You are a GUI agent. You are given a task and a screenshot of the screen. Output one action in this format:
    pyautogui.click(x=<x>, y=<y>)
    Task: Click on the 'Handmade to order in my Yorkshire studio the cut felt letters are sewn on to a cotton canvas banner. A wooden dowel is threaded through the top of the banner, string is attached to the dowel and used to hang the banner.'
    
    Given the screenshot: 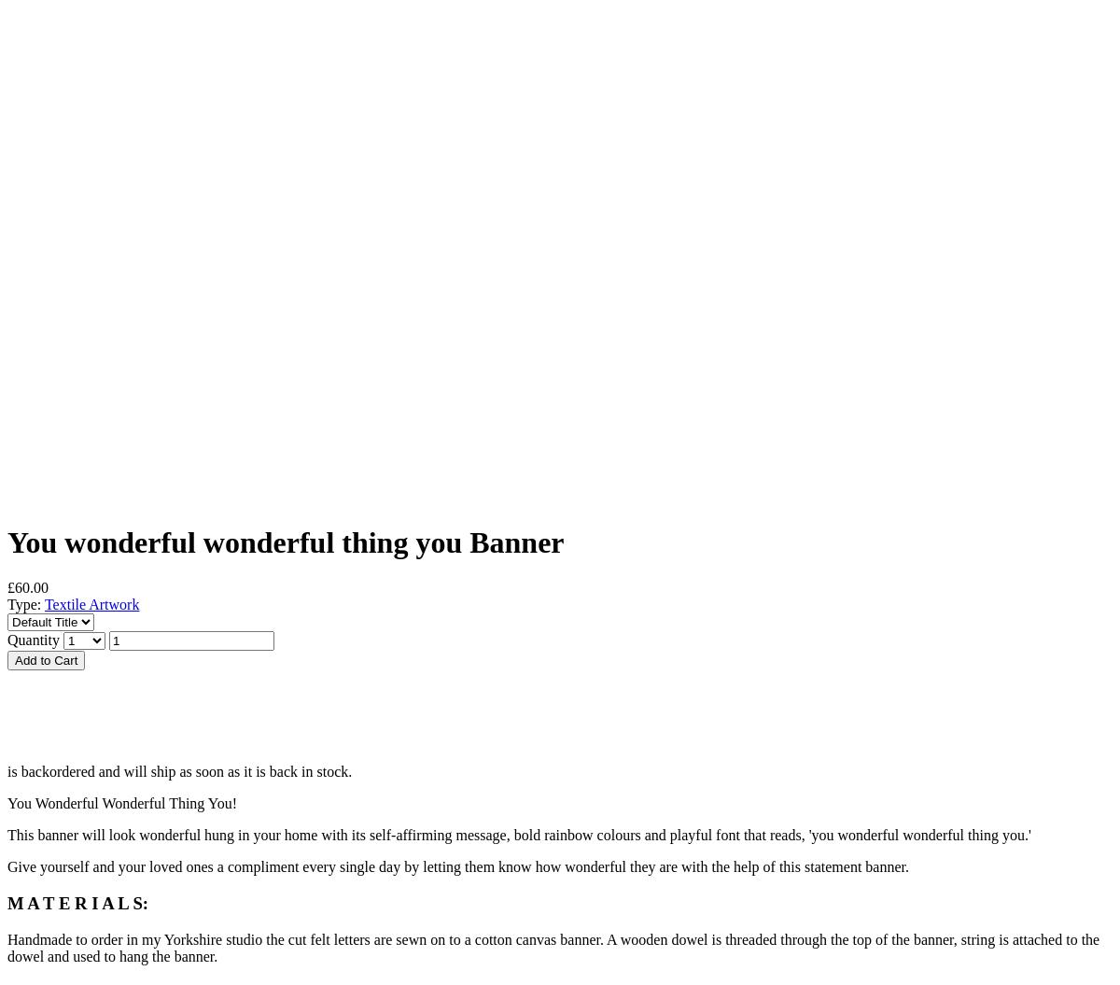 What is the action you would take?
    pyautogui.click(x=553, y=946)
    